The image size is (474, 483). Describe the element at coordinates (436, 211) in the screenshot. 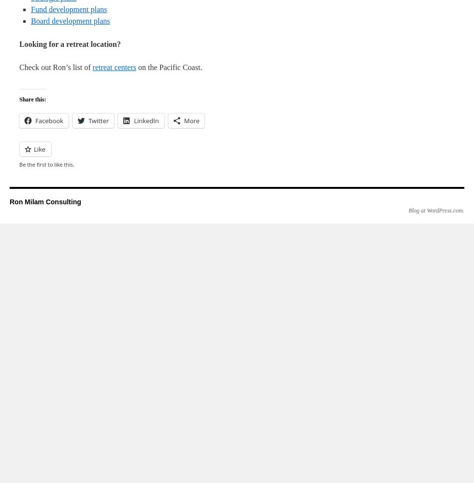

I see `'Blog at WordPress.com.'` at that location.